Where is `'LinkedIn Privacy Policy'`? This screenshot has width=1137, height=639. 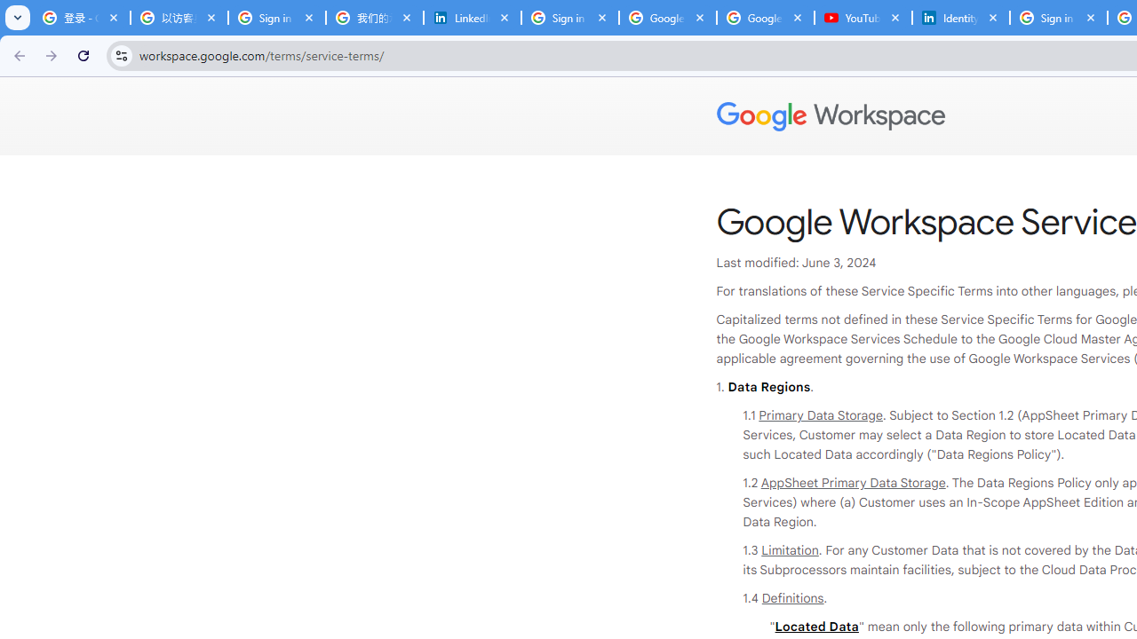 'LinkedIn Privacy Policy' is located at coordinates (473, 18).